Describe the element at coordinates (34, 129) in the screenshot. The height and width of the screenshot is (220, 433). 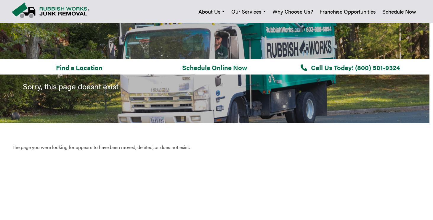
I see `'Franchise Opportunities'` at that location.